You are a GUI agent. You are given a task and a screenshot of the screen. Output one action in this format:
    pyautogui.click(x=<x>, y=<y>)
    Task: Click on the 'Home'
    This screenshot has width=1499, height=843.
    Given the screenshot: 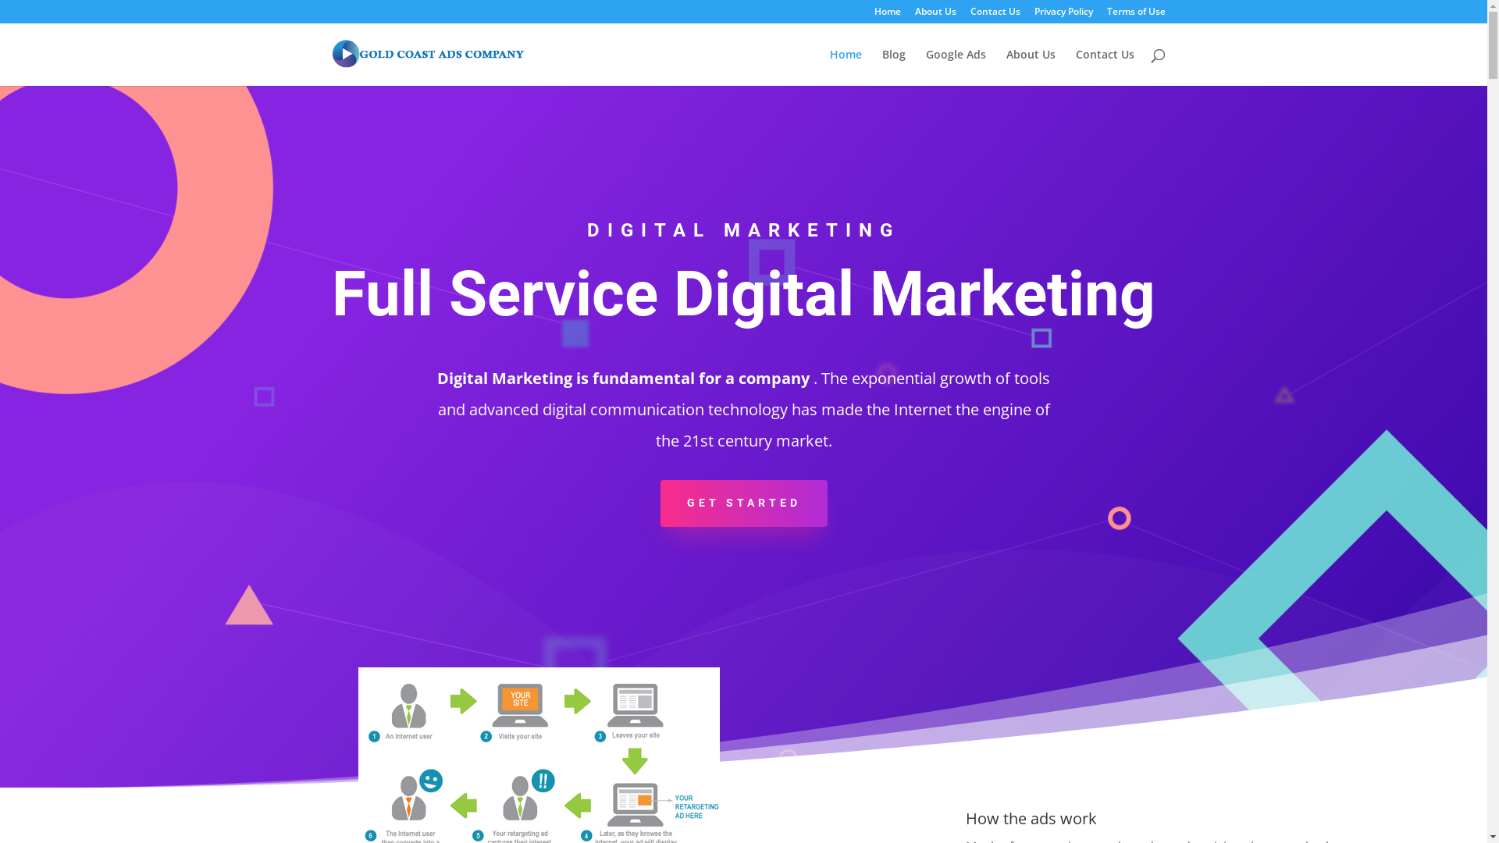 What is the action you would take?
    pyautogui.click(x=888, y=15)
    